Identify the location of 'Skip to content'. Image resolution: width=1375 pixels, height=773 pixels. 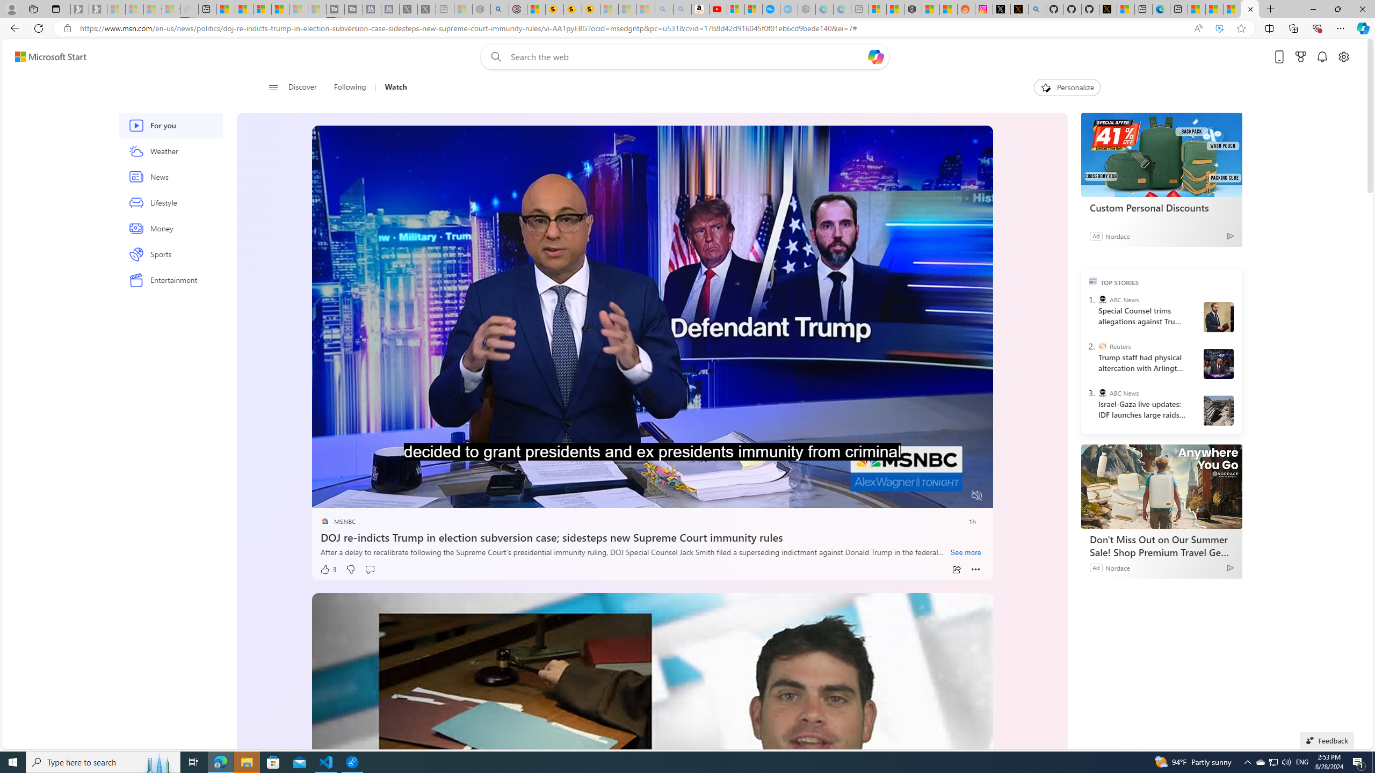
(46, 56).